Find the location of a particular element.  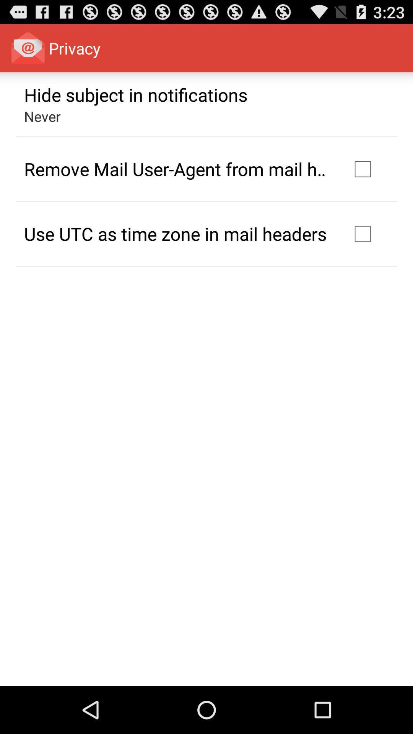

use utc as icon is located at coordinates (175, 233).